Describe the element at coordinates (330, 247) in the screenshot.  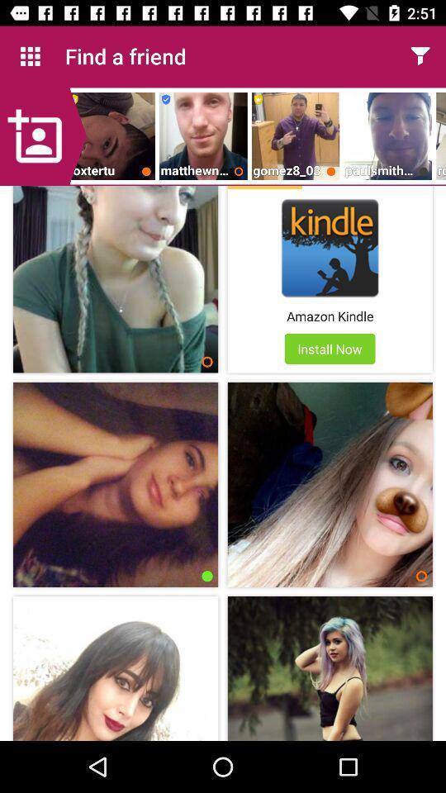
I see `the icon below sponsored item` at that location.